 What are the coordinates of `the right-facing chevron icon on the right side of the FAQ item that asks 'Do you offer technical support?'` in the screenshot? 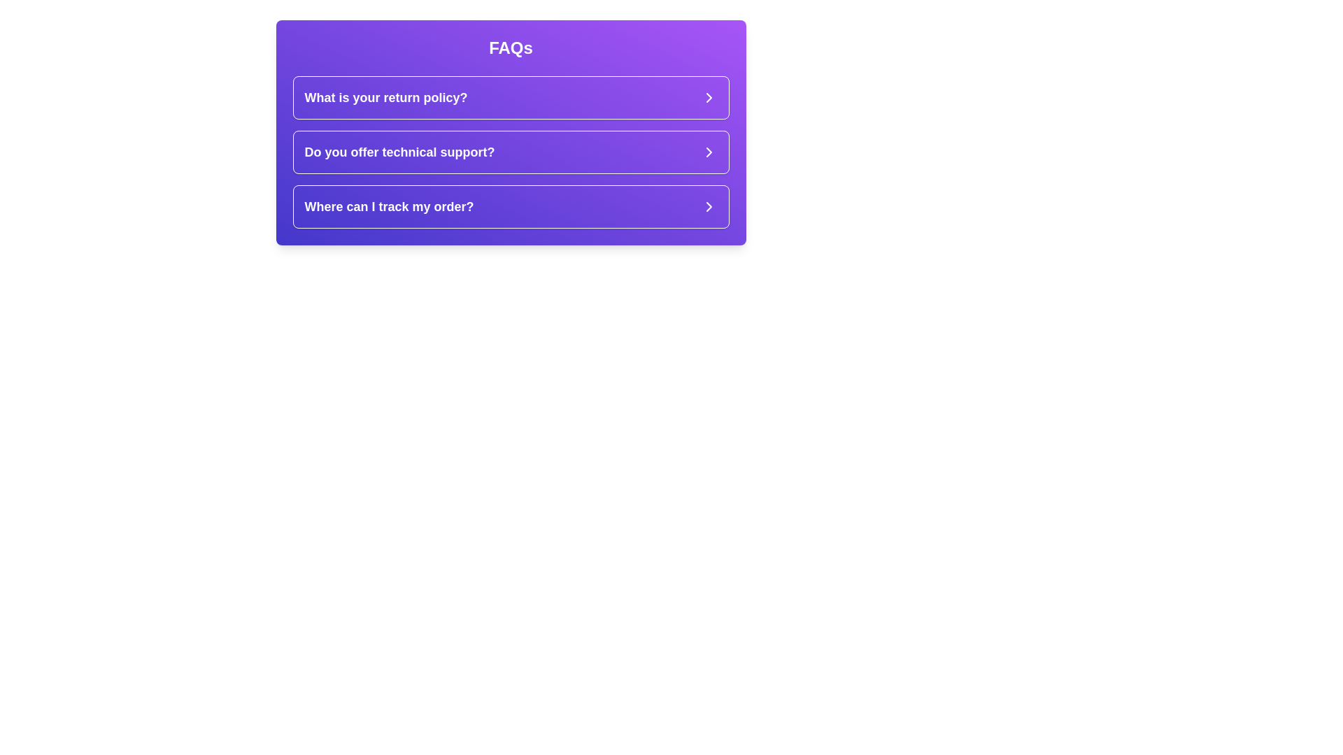 It's located at (709, 152).